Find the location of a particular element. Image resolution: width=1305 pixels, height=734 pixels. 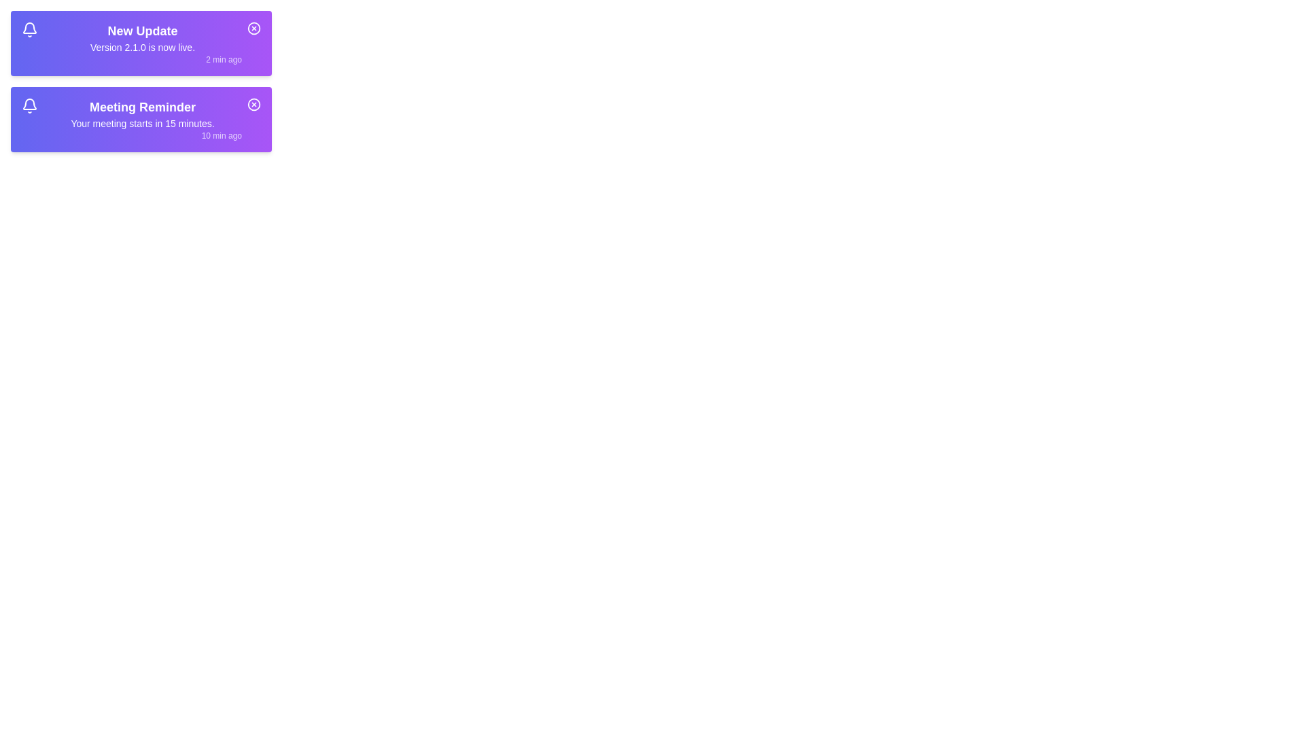

close button of the notification titled 'Meeting Reminder' is located at coordinates (254, 104).